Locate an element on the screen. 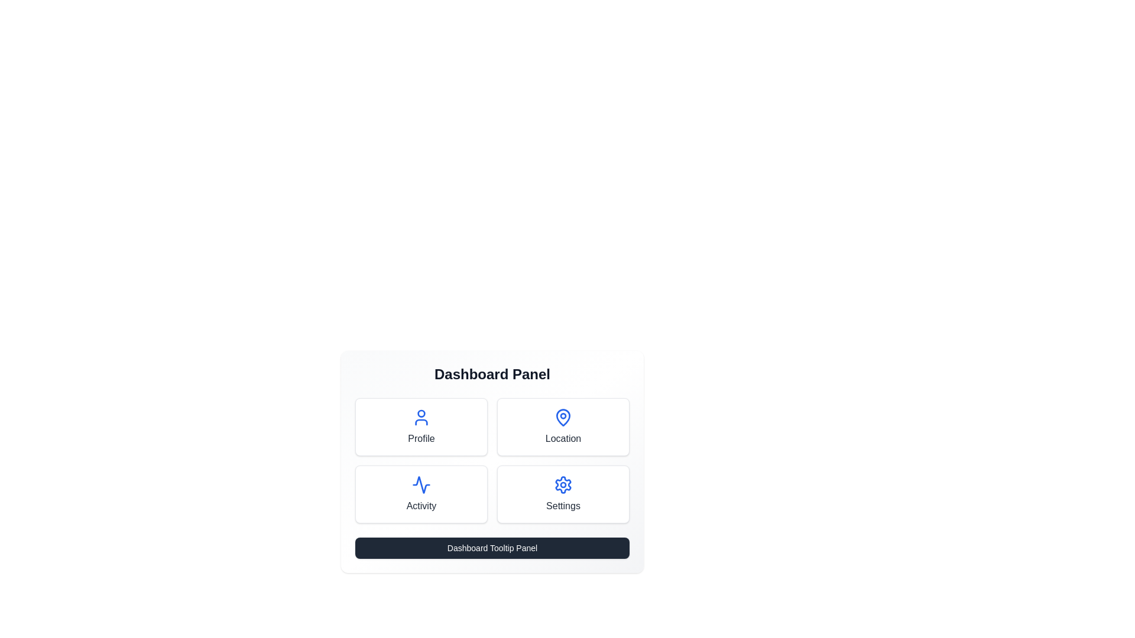  the blue waveform icon located at the top of the 'Activity' card in the lower-left section of the dashboard interface is located at coordinates (421, 485).